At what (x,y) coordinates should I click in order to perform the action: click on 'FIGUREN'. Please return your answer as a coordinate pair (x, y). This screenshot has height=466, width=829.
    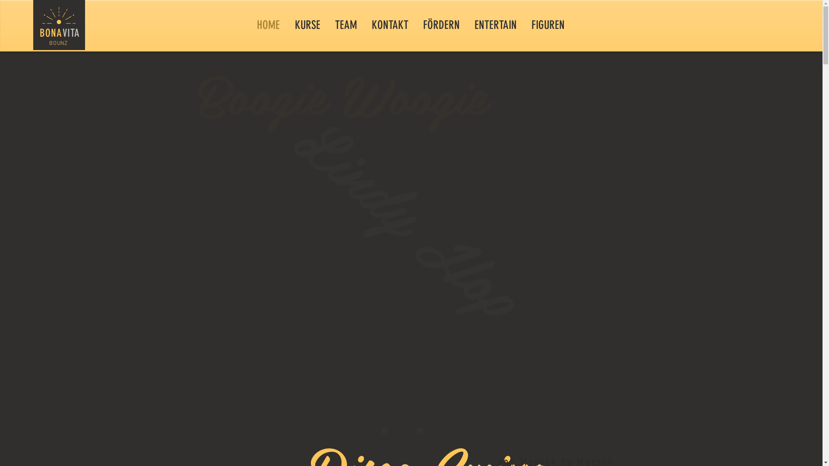
    Looking at the image, I should click on (547, 24).